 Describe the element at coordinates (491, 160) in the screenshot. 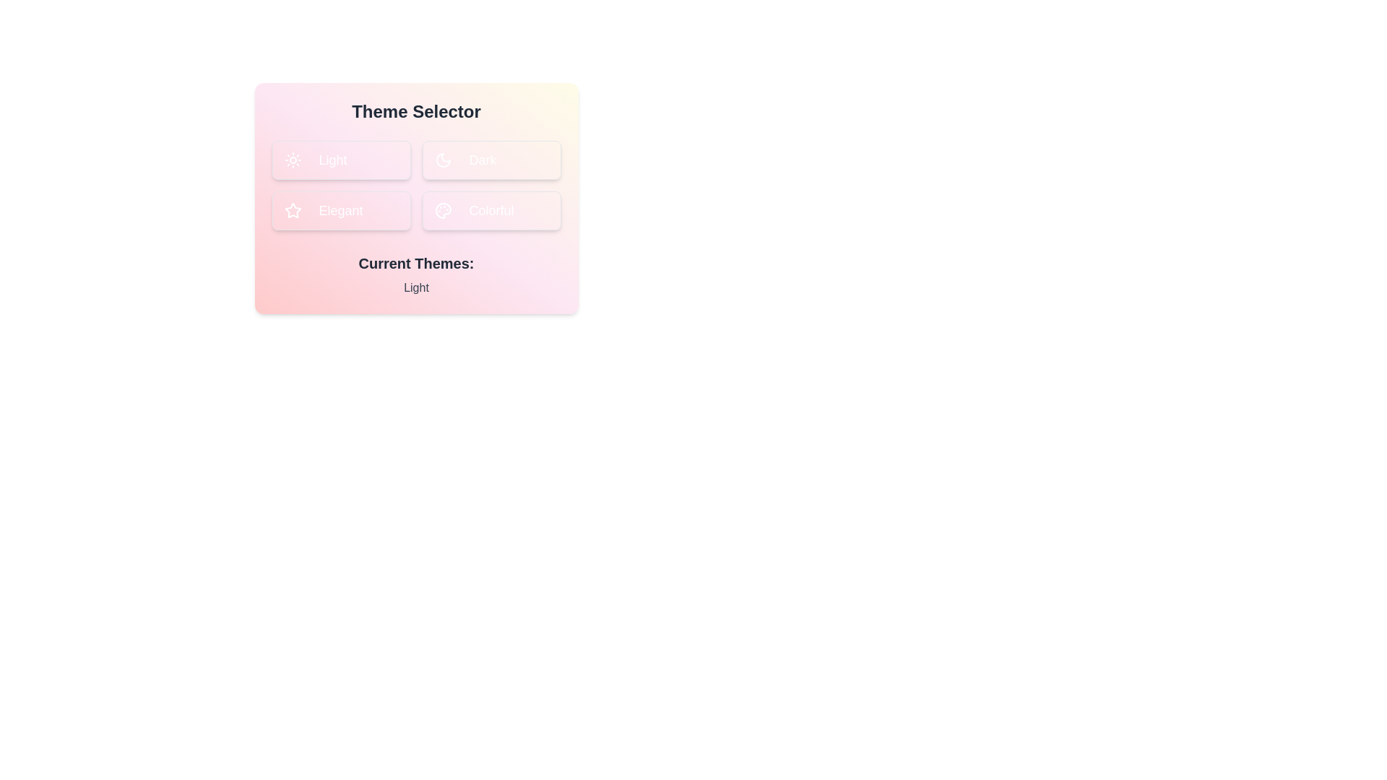

I see `the 'Dark' theme button located in the second column of the 2x2 grid layout under the 'Theme Selector' section` at that location.